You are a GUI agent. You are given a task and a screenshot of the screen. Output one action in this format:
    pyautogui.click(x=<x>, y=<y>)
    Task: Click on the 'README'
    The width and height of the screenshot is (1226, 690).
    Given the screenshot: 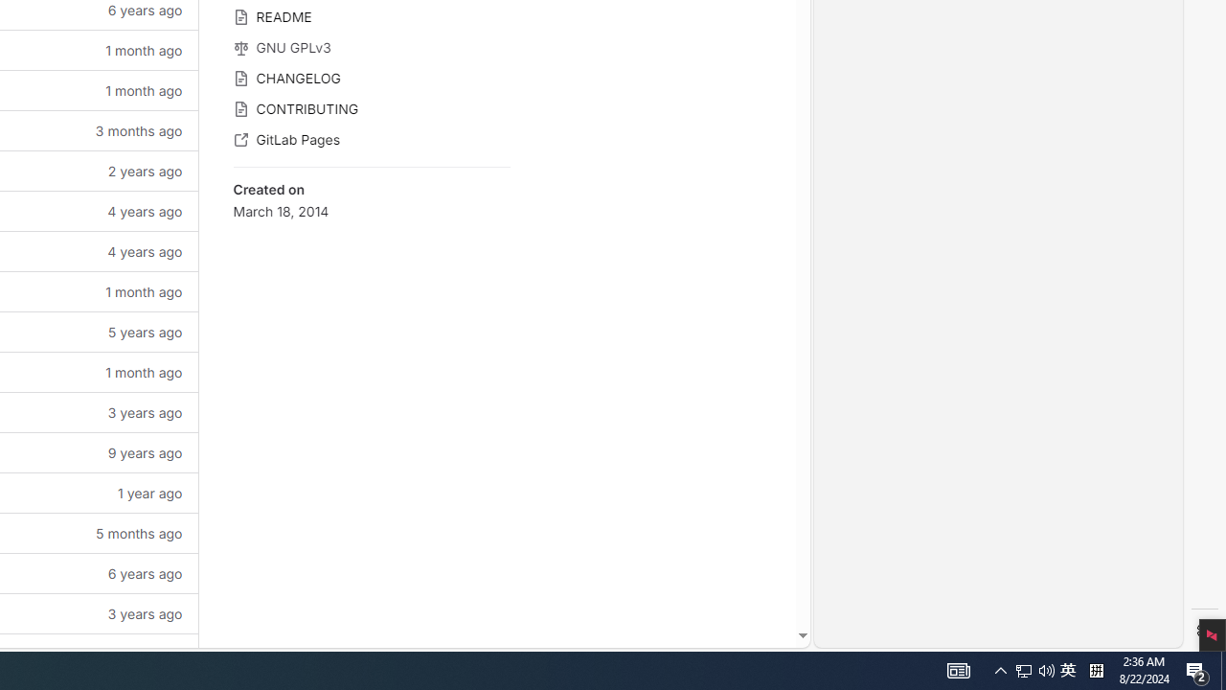 What is the action you would take?
    pyautogui.click(x=371, y=15)
    